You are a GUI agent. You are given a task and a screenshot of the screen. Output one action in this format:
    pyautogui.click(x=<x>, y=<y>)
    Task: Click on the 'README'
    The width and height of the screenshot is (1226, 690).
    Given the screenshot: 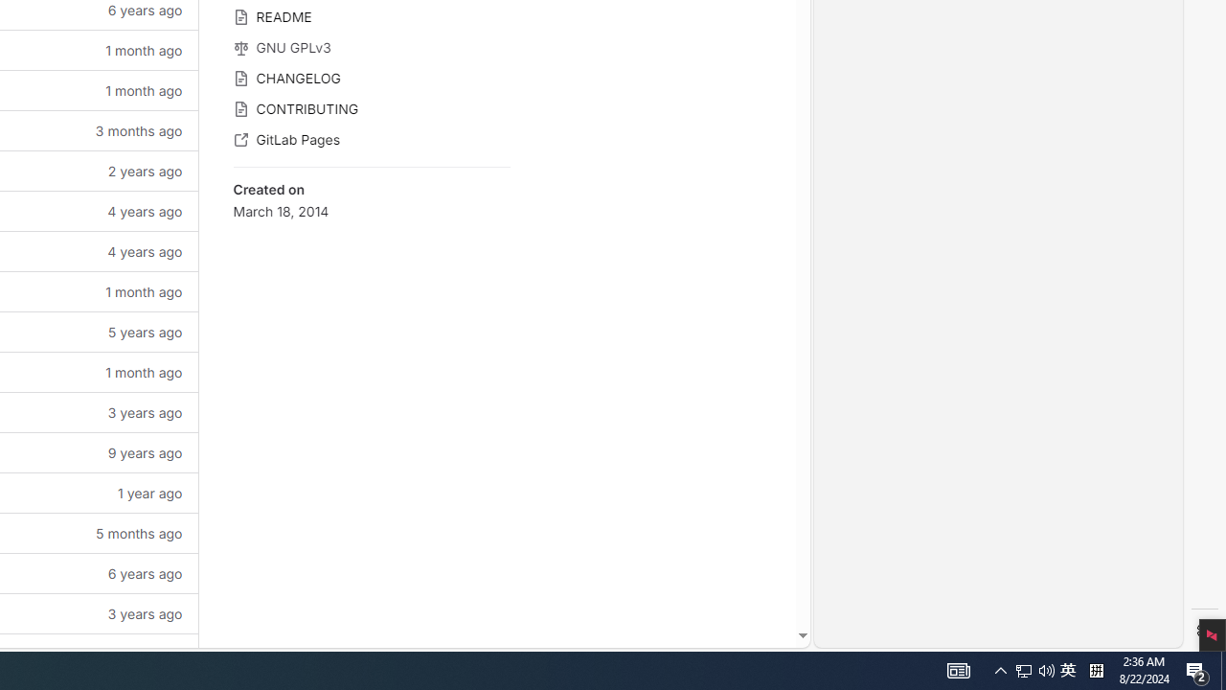 What is the action you would take?
    pyautogui.click(x=371, y=15)
    